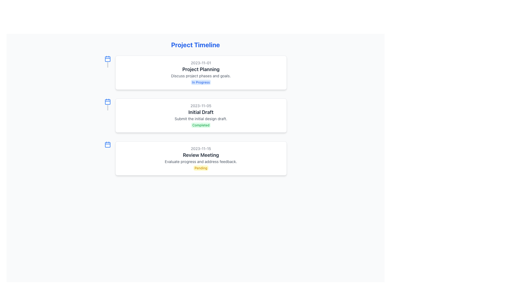 Image resolution: width=521 pixels, height=293 pixels. Describe the element at coordinates (107, 144) in the screenshot. I see `the calendar icon with blue strokes located on the left side of the 'Review Meeting' section, aligned to the left of the text content in the vertical timeline` at that location.